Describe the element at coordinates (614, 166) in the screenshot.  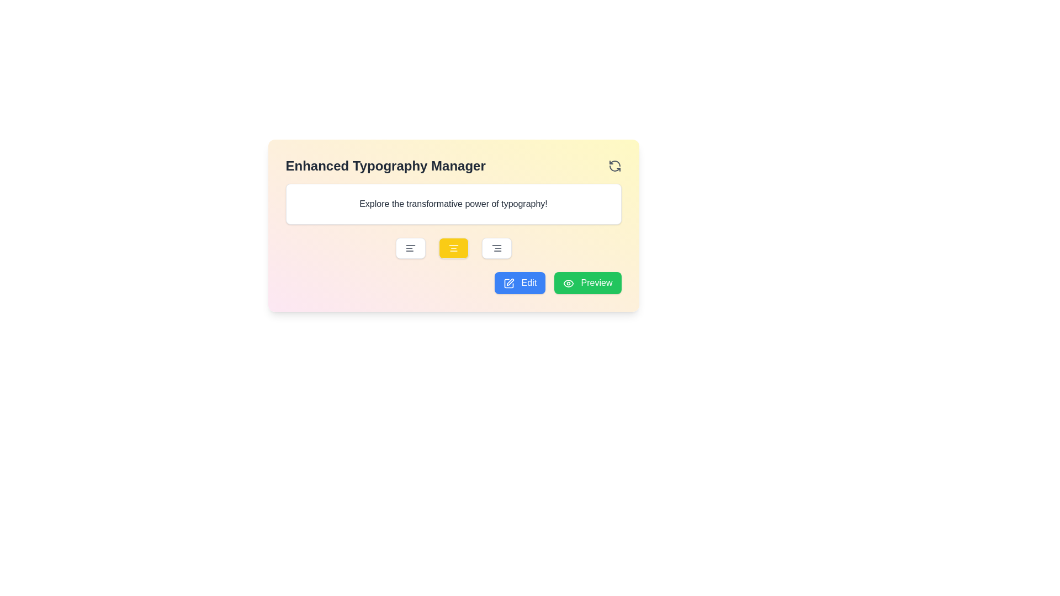
I see `the Circular arrow icon (refresh button) located in the top-right corner of the 'Enhanced Typography Manager' section, represented by an SVG graphic with two arrows forming a cycle` at that location.